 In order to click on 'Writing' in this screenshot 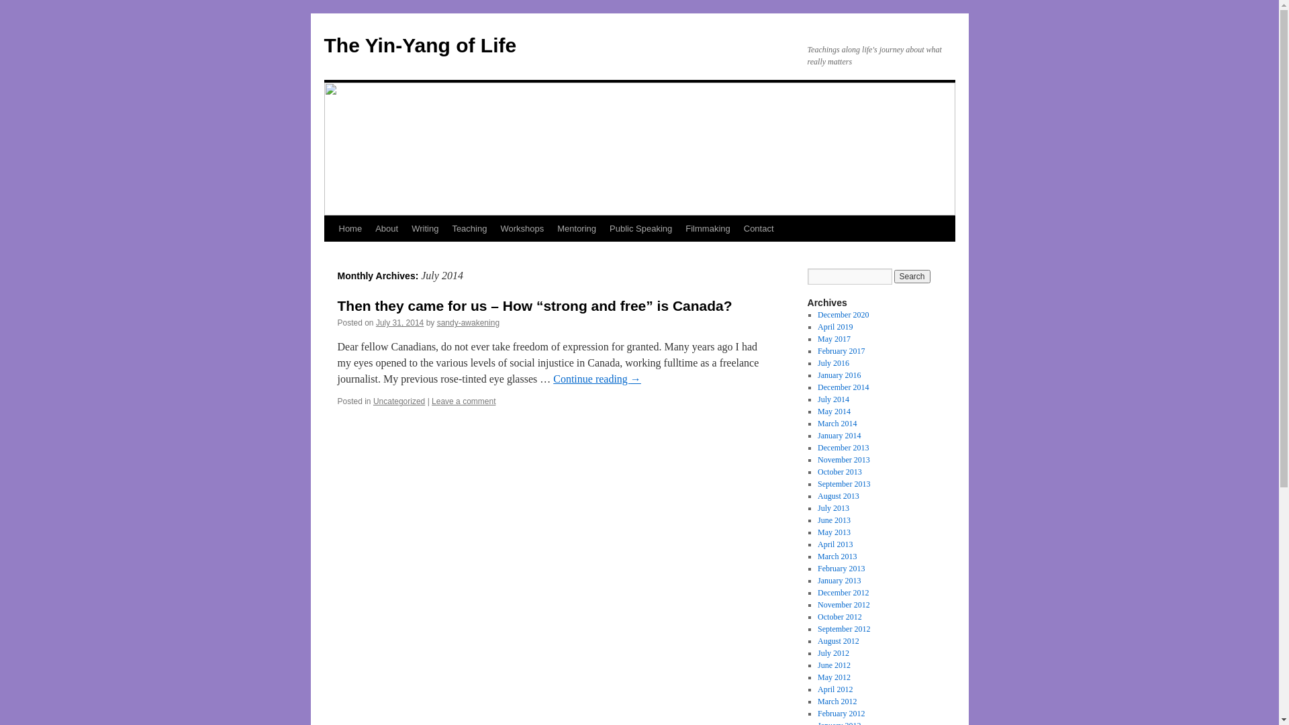, I will do `click(404, 228)`.